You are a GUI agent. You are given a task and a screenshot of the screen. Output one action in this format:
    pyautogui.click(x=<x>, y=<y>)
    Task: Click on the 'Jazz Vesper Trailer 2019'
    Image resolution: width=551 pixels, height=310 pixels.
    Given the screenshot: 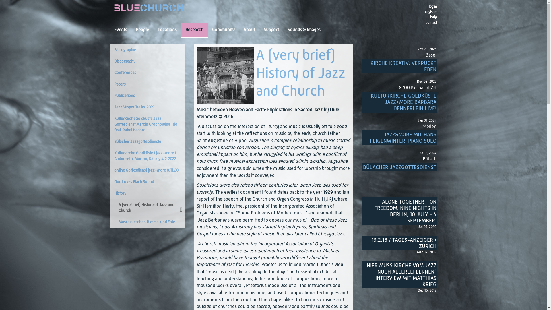 What is the action you would take?
    pyautogui.click(x=147, y=107)
    